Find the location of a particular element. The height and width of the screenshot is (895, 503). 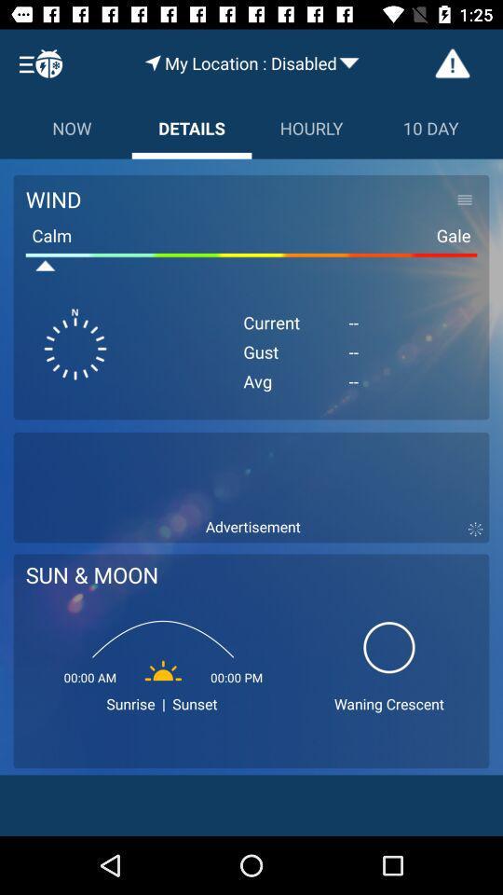

the icon beside my location is located at coordinates (152, 62).